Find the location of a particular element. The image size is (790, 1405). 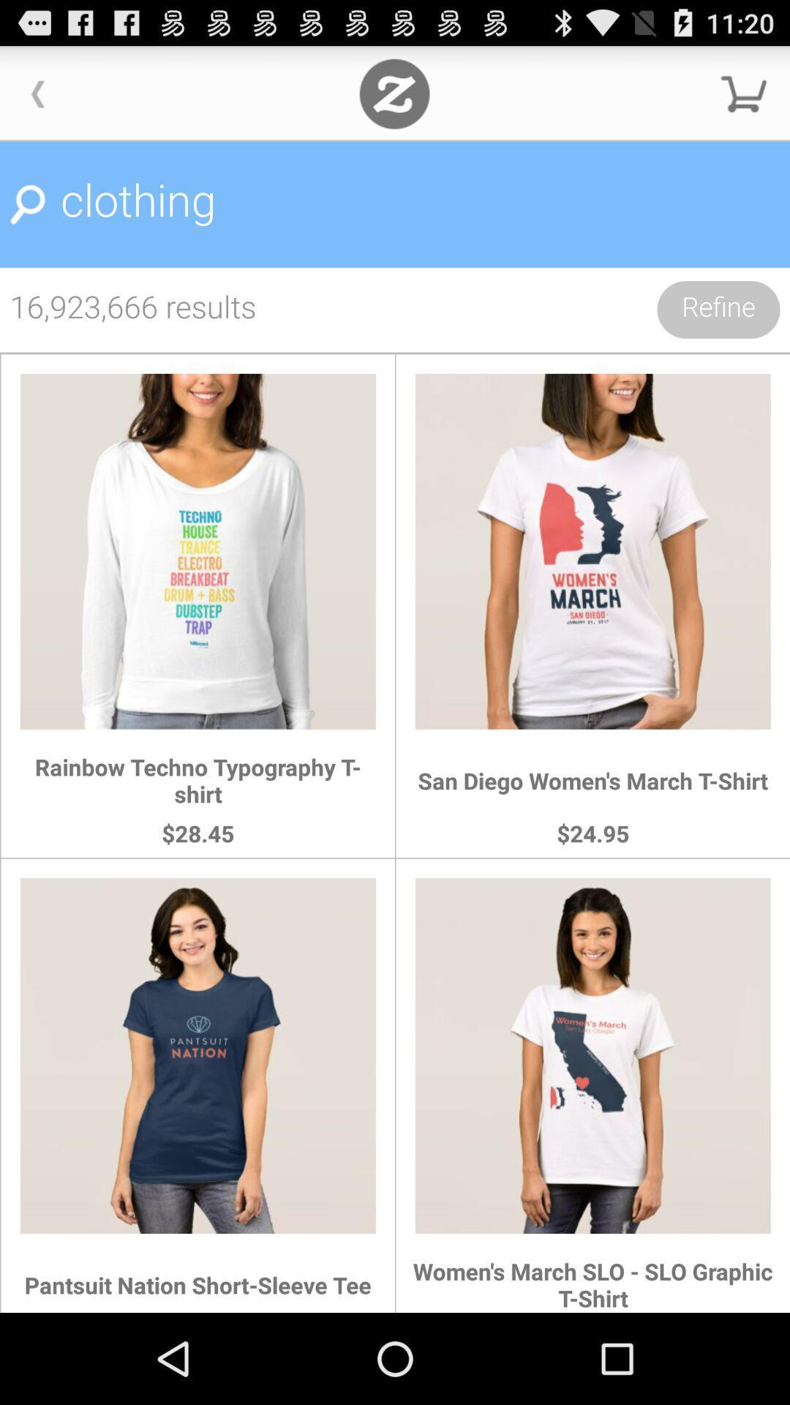

item to the right of 16 923 666 is located at coordinates (718, 309).